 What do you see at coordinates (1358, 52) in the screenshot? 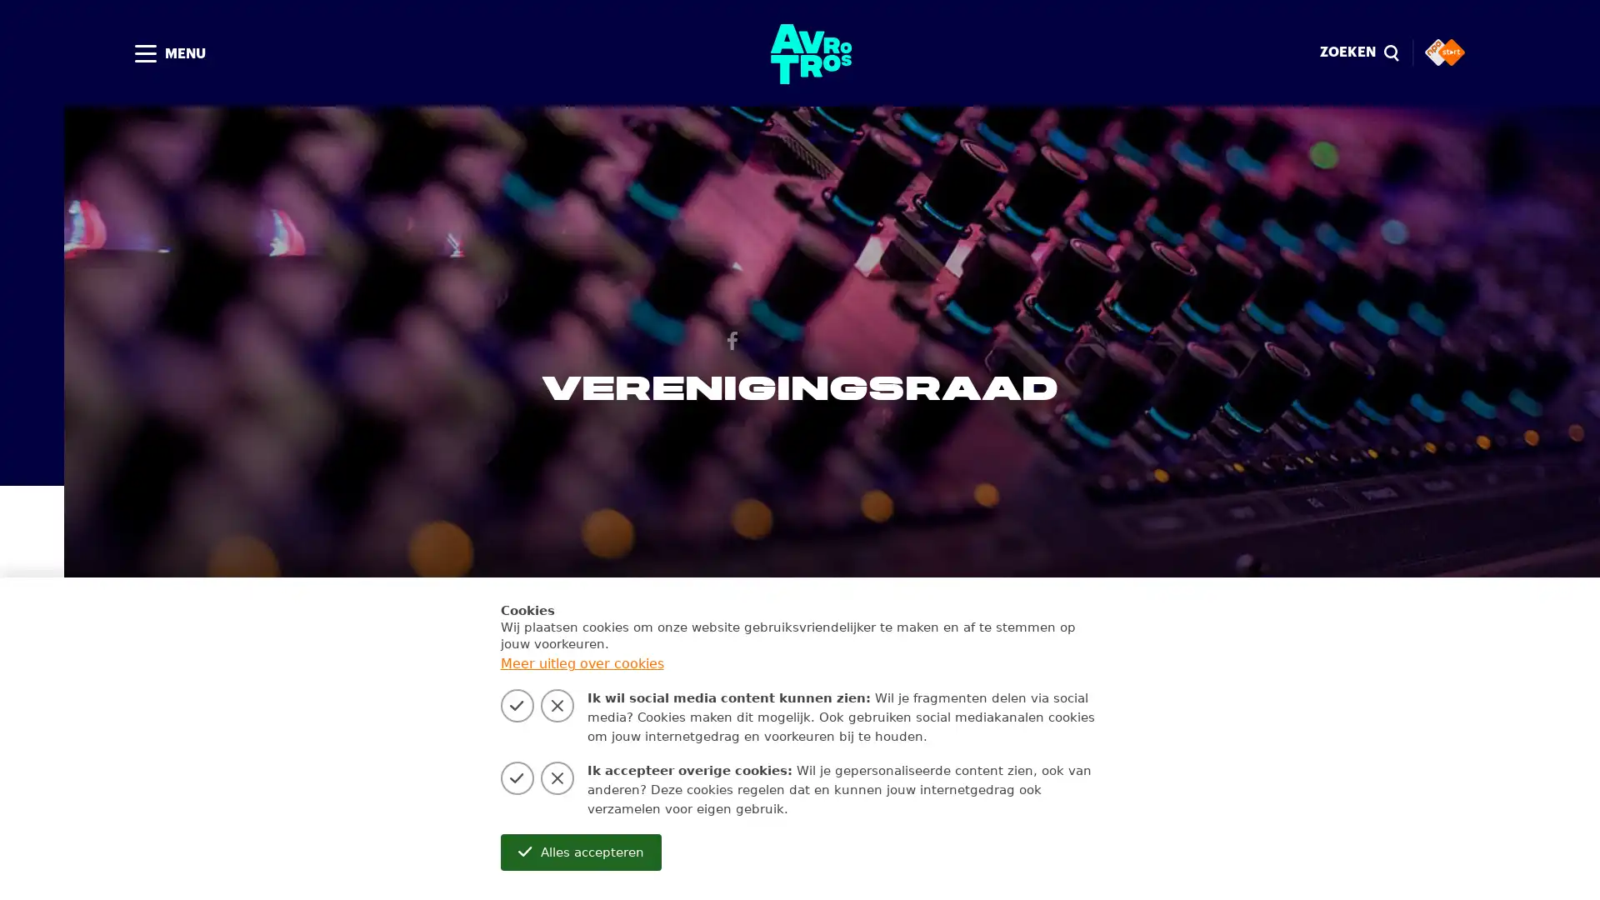
I see `ZOEKEN magnify` at bounding box center [1358, 52].